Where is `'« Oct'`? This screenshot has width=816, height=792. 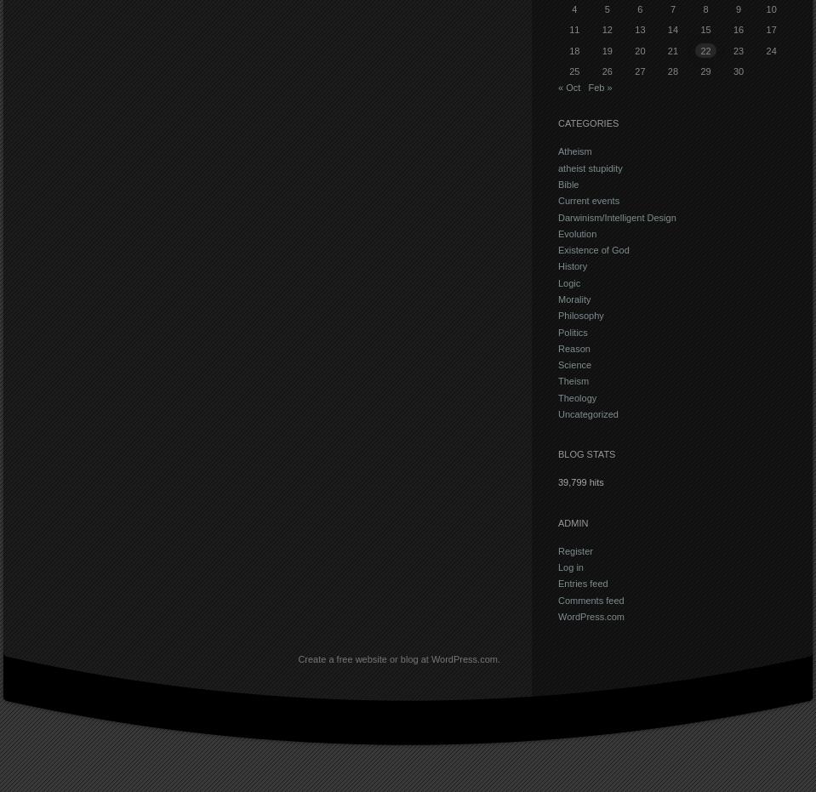
'« Oct' is located at coordinates (568, 87).